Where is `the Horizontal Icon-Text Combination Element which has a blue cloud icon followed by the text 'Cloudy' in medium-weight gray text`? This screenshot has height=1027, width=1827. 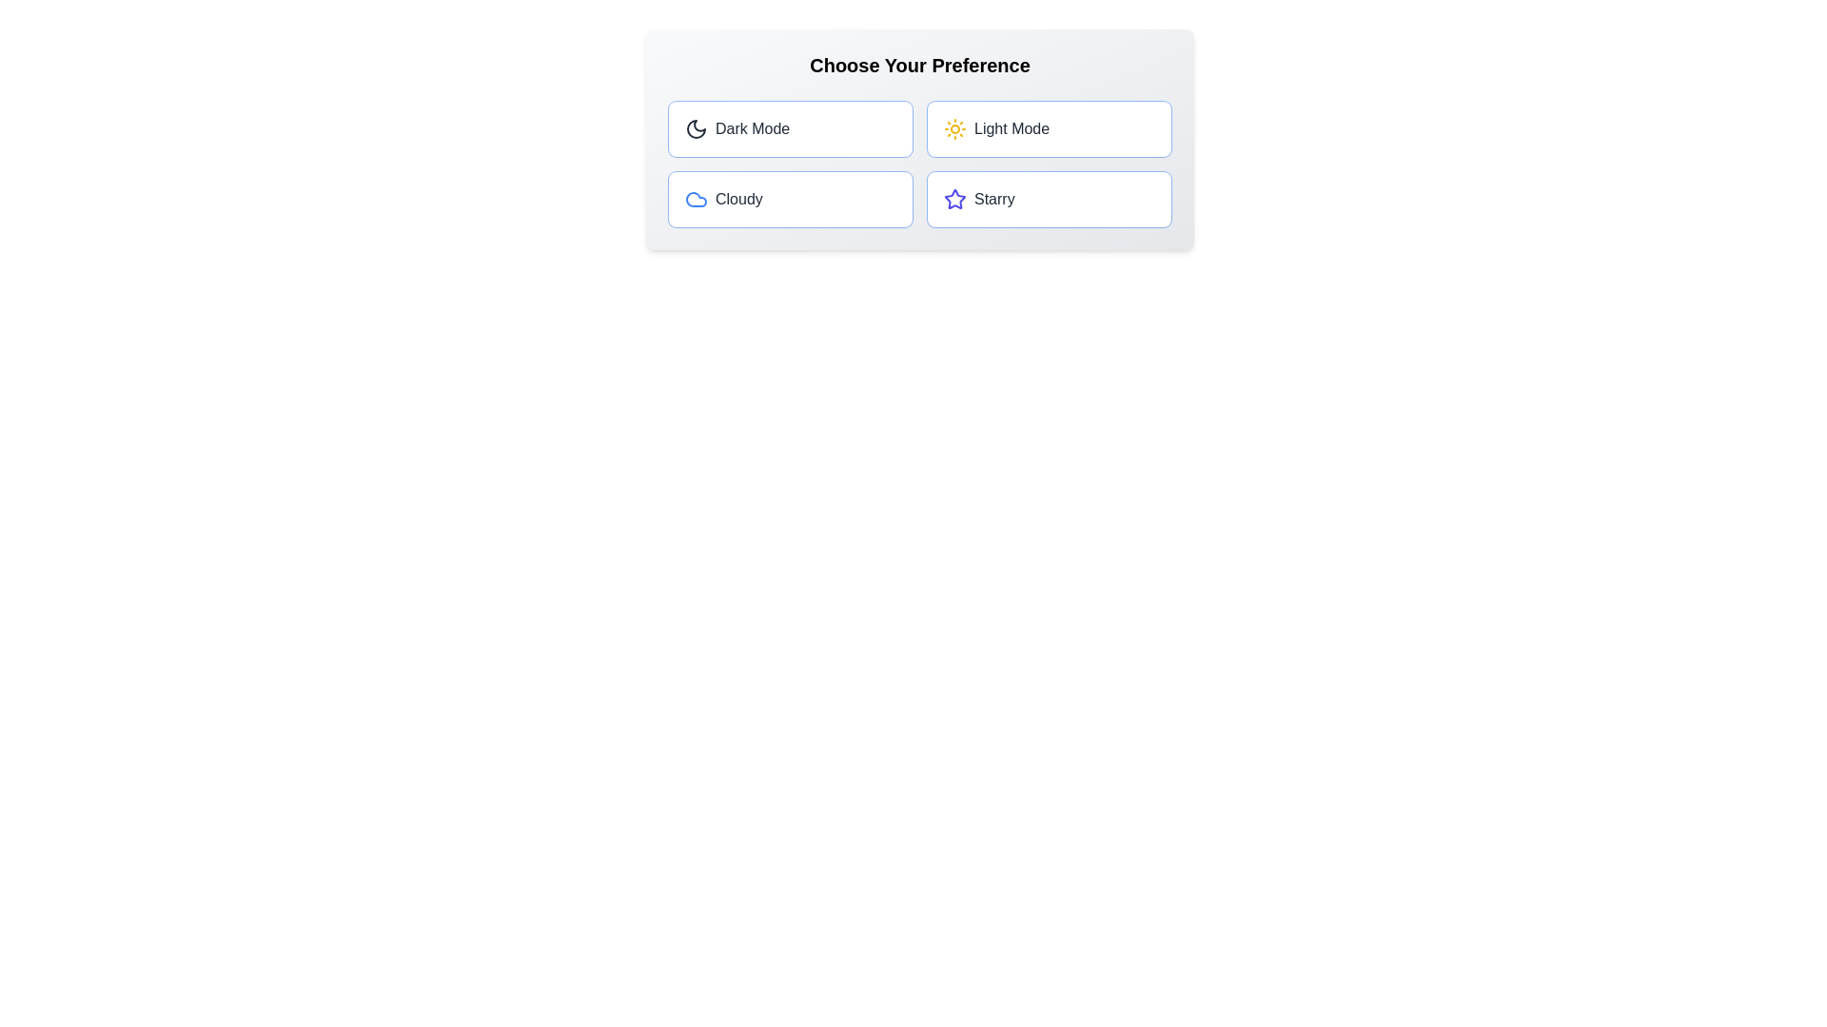 the Horizontal Icon-Text Combination Element which has a blue cloud icon followed by the text 'Cloudy' in medium-weight gray text is located at coordinates (722, 199).